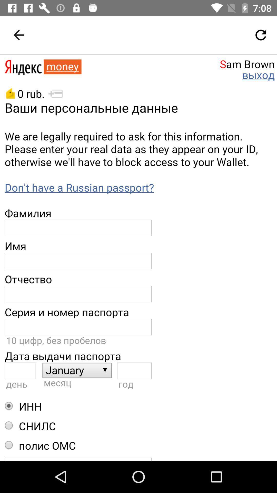  I want to click on description, so click(138, 258).